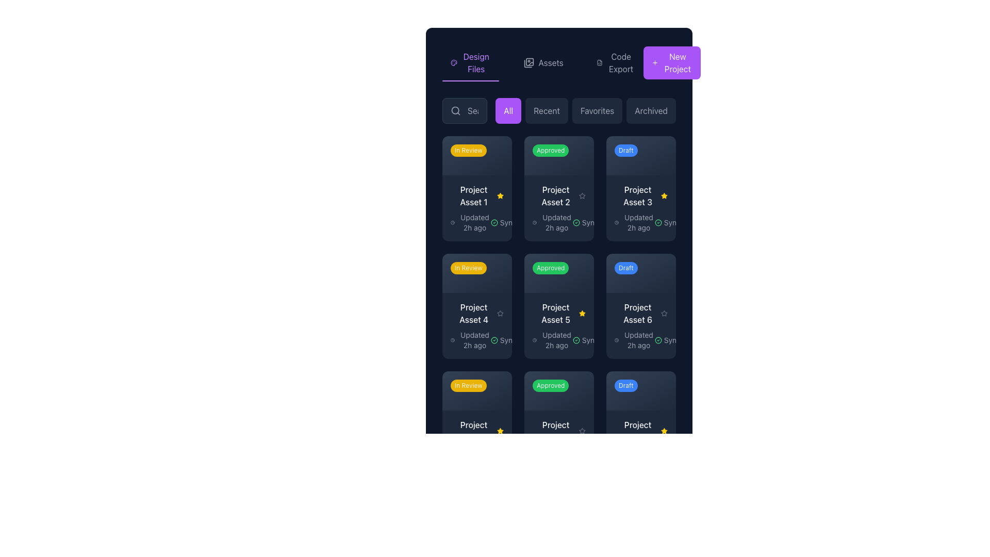 This screenshot has width=990, height=557. What do you see at coordinates (664, 431) in the screenshot?
I see `the star-shaped icon with a yellow fill and border located at the rightmost side of the header section of 'Project Asset 9'` at bounding box center [664, 431].